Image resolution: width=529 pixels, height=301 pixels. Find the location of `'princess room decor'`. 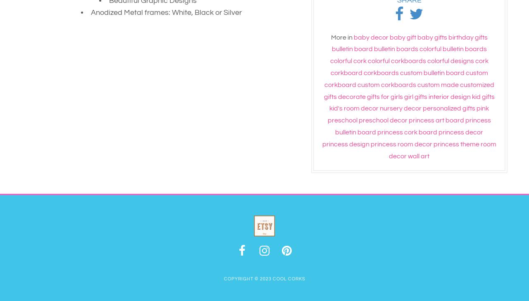

'princess room decor' is located at coordinates (401, 144).